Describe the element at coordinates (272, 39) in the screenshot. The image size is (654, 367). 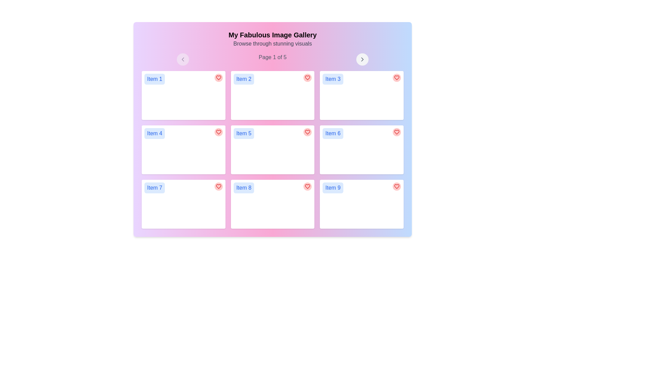
I see `text from the header element at the top of the image gallery, which includes the title and subtitle` at that location.